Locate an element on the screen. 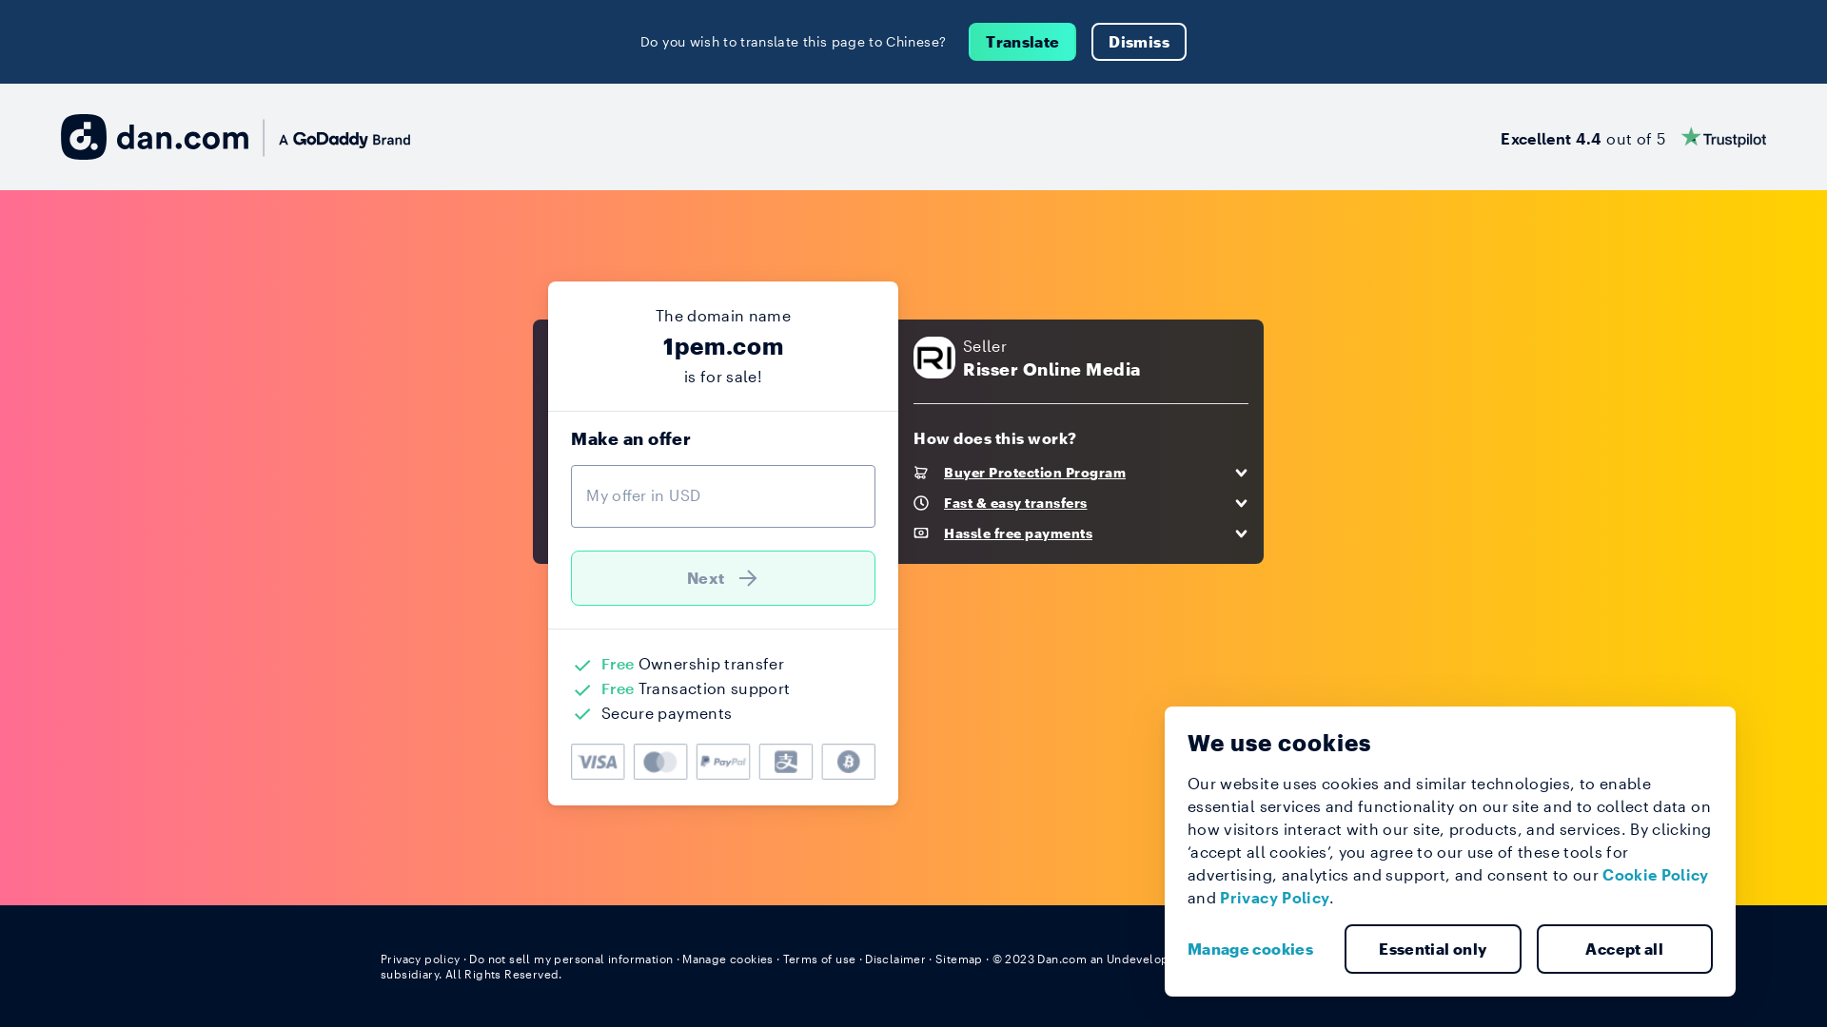 This screenshot has width=1827, height=1027. 'Do not sell my personal information' is located at coordinates (570, 958).